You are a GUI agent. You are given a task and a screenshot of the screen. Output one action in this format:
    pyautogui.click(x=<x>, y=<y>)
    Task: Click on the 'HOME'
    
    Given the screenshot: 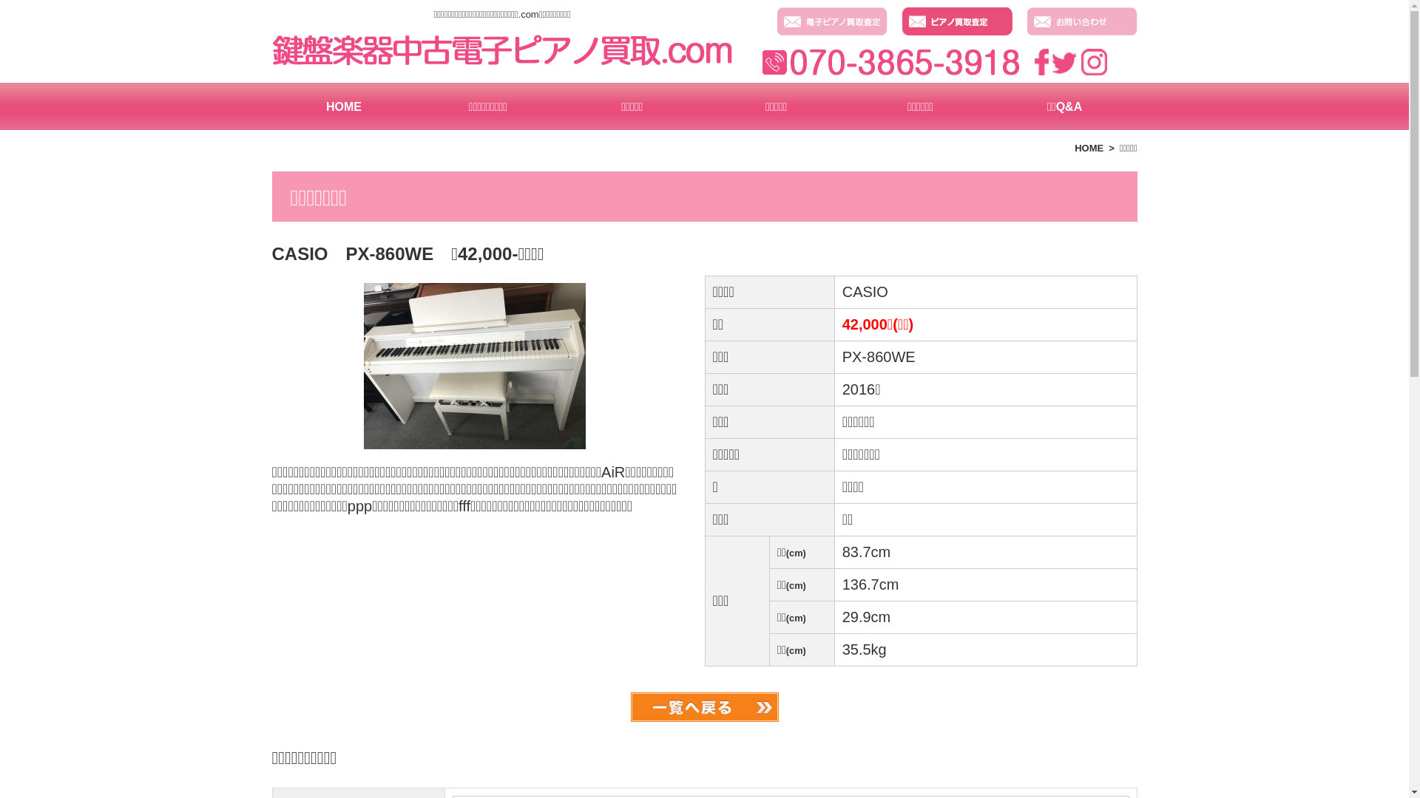 What is the action you would take?
    pyautogui.click(x=343, y=105)
    